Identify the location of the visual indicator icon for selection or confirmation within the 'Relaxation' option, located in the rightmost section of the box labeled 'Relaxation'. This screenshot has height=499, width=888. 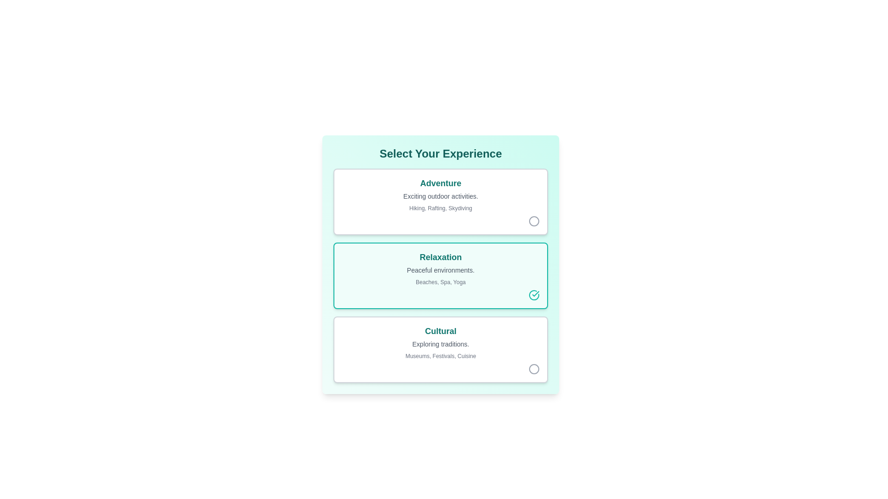
(534, 295).